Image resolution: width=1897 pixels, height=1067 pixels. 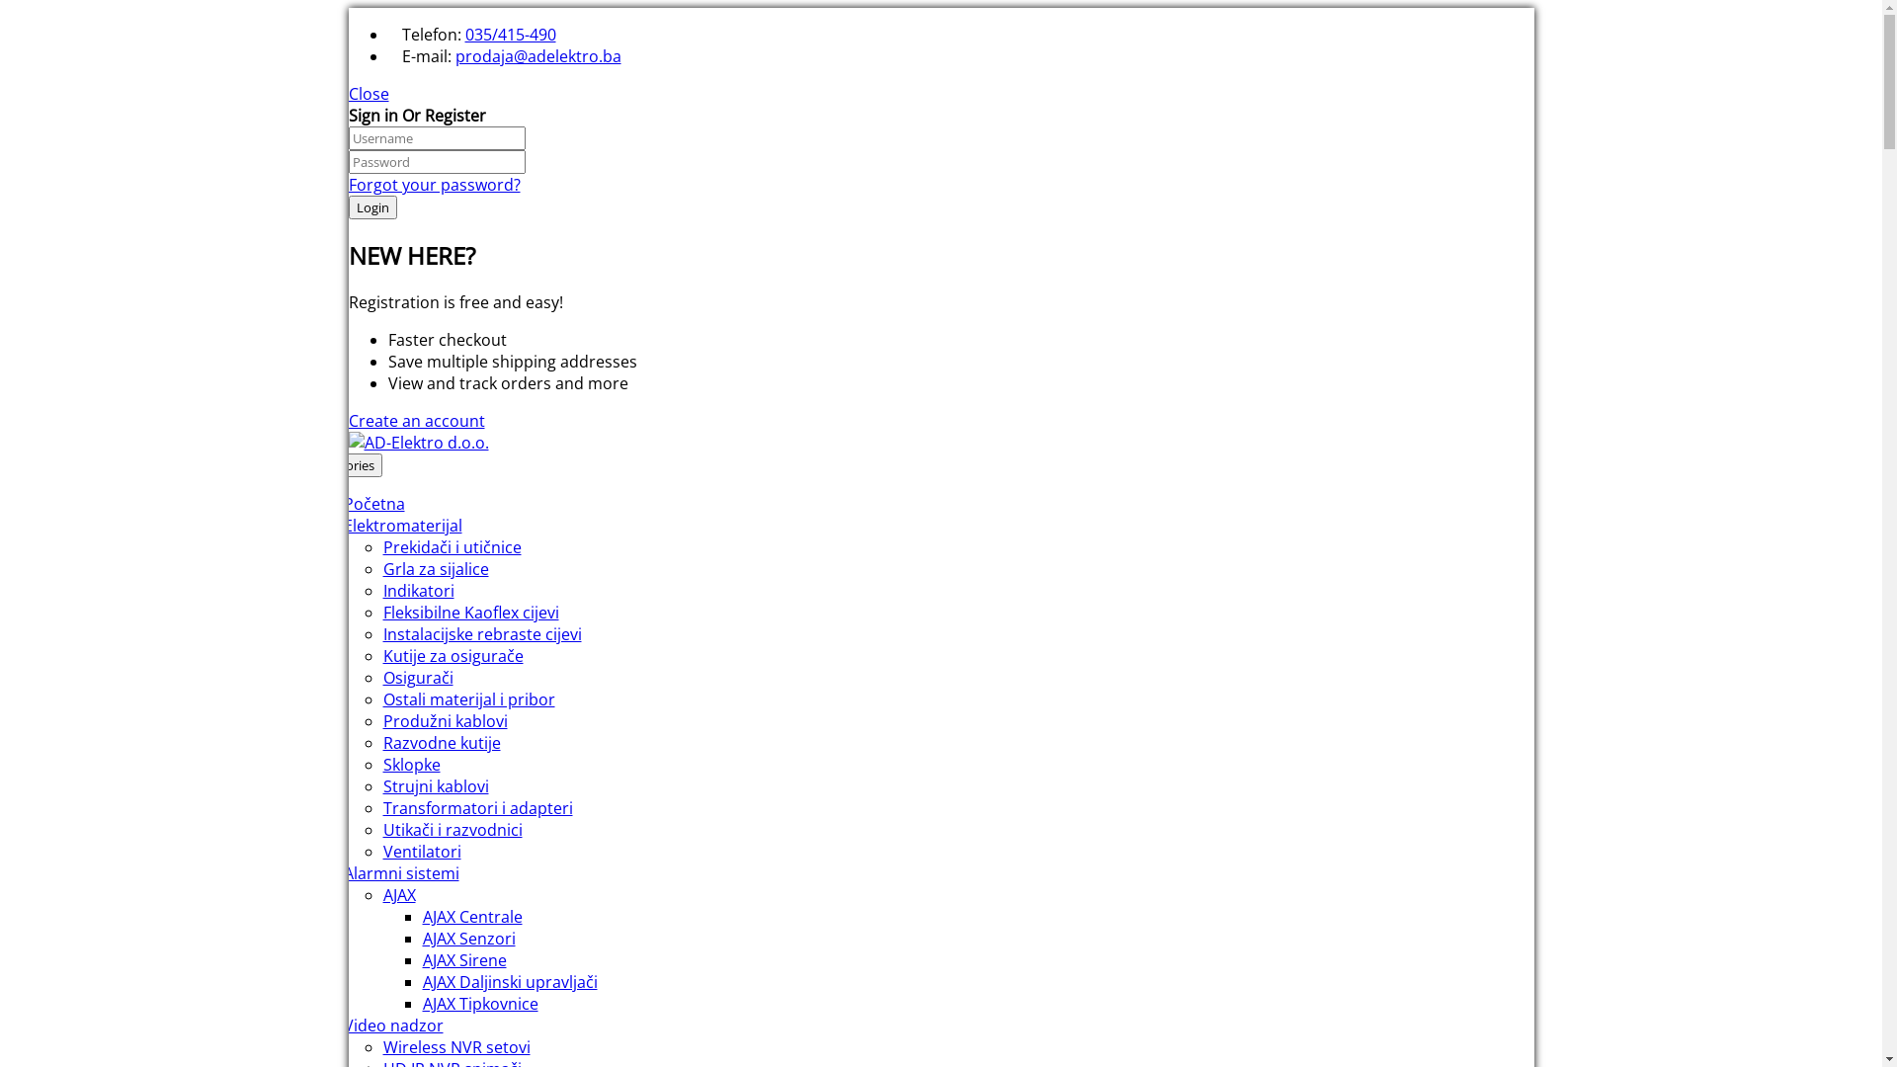 What do you see at coordinates (400, 871) in the screenshot?
I see `'Alarmni sistemi'` at bounding box center [400, 871].